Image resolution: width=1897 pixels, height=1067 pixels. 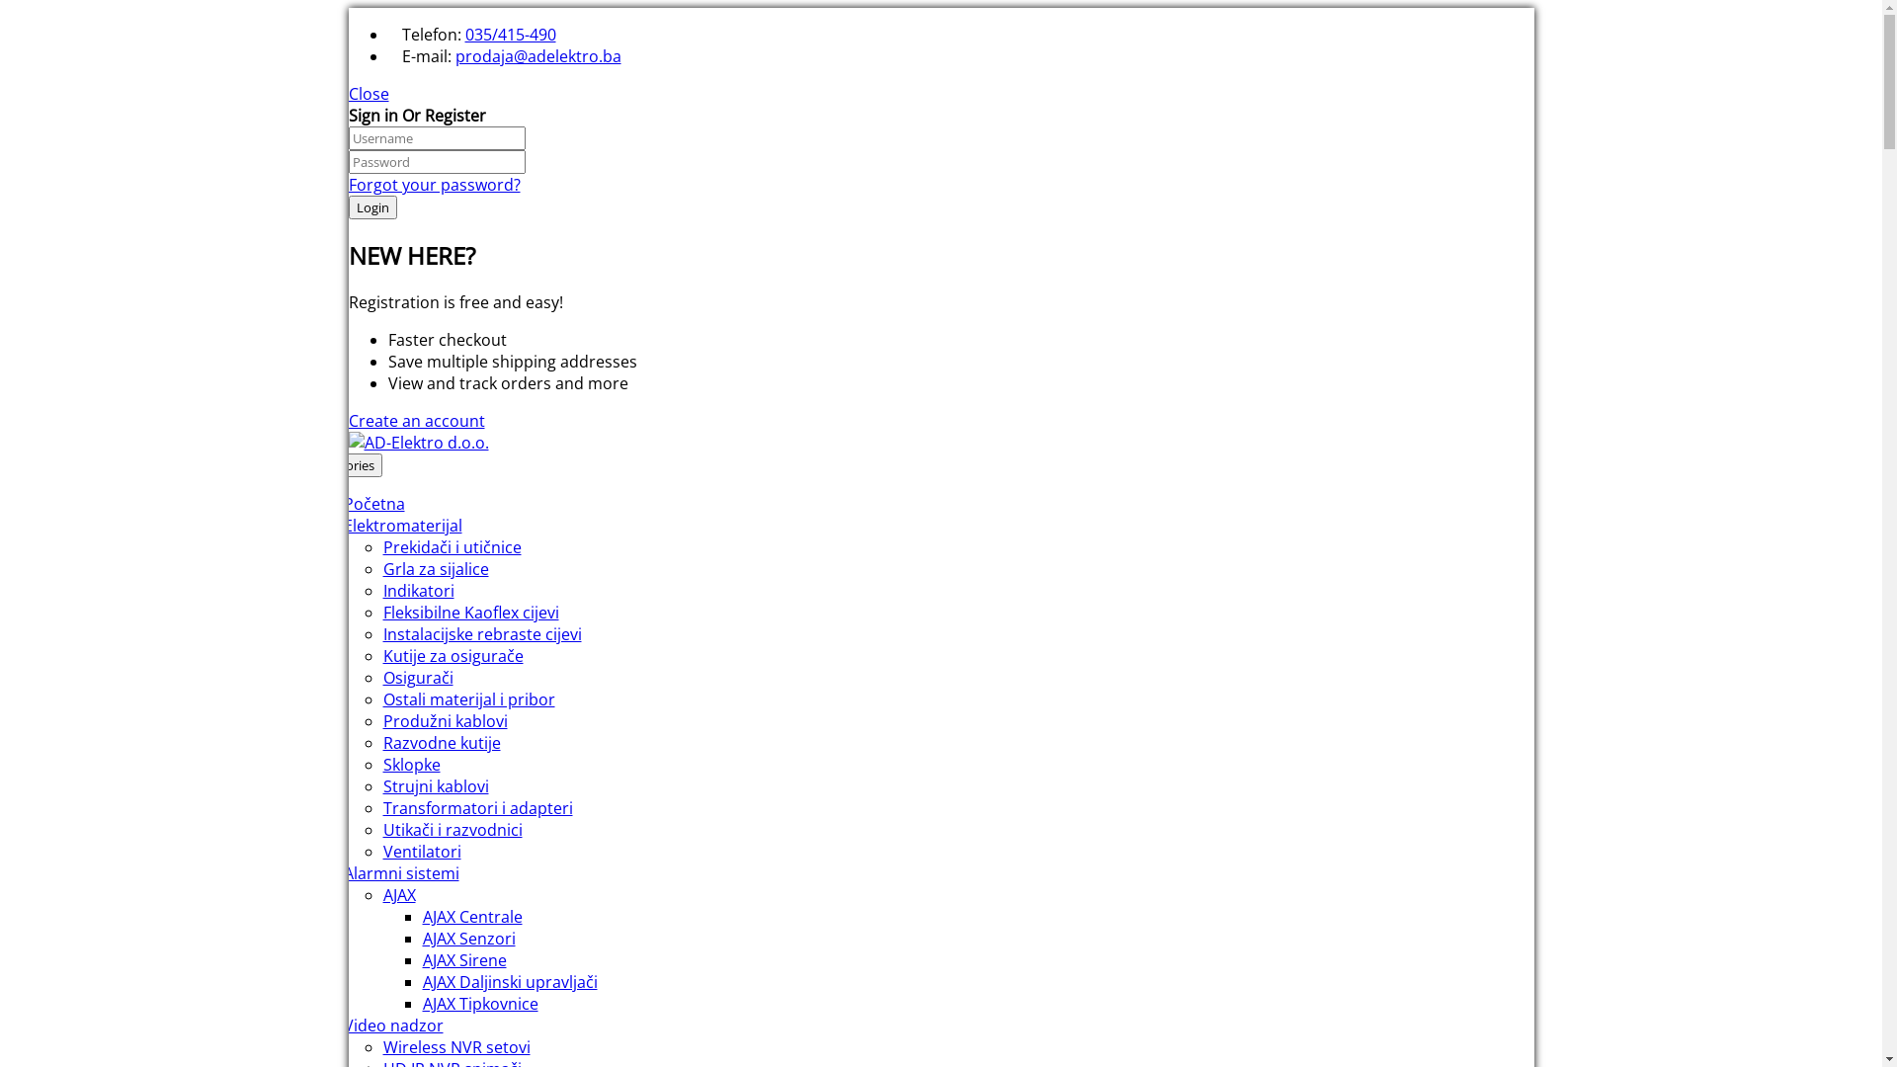 What do you see at coordinates (400, 871) in the screenshot?
I see `'Alarmni sistemi'` at bounding box center [400, 871].